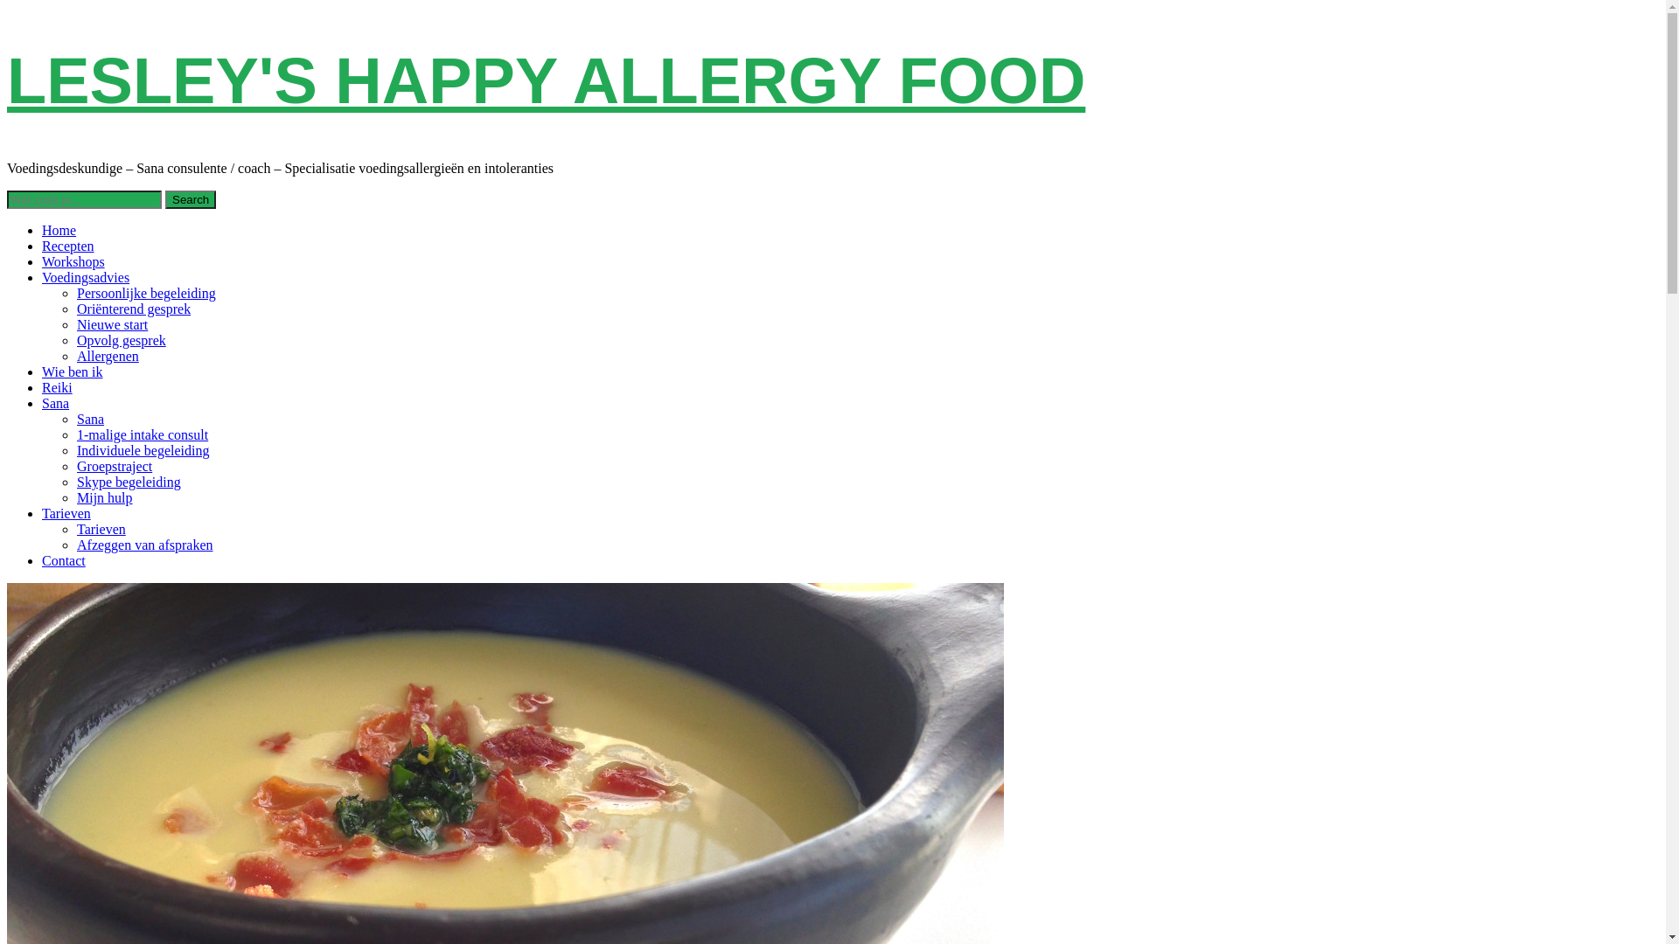  What do you see at coordinates (190, 198) in the screenshot?
I see `'Search'` at bounding box center [190, 198].